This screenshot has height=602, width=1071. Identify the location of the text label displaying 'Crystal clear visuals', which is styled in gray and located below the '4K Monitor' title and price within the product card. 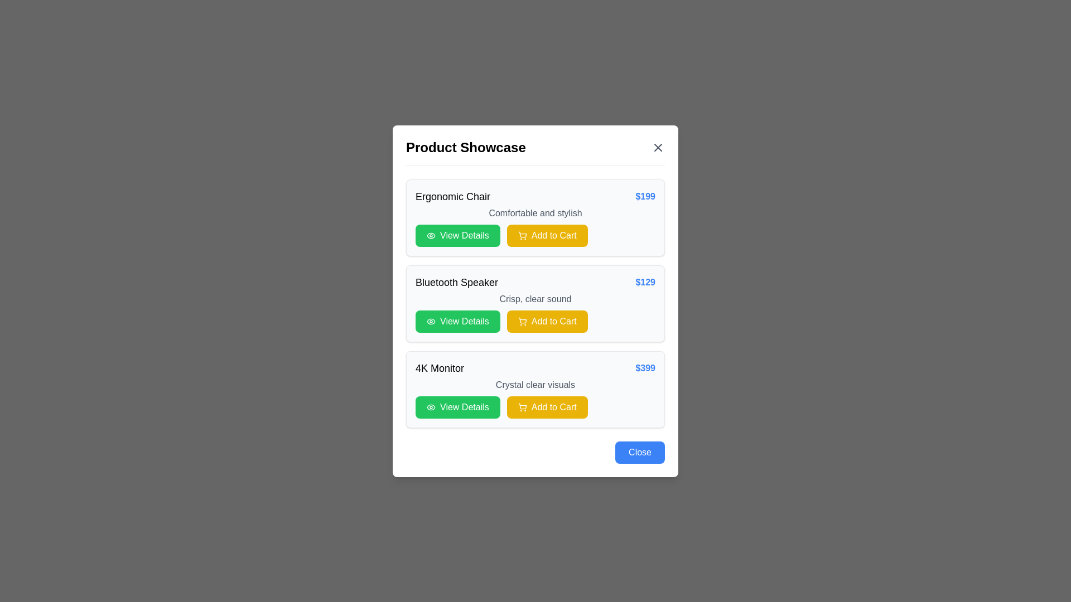
(535, 384).